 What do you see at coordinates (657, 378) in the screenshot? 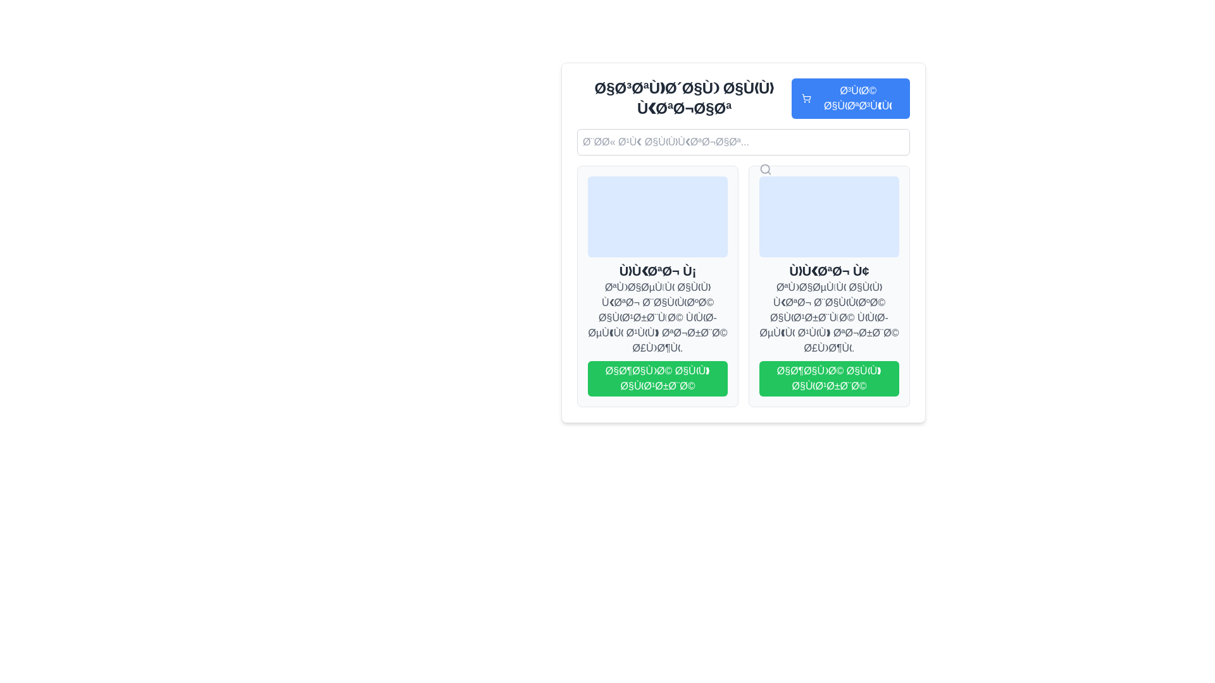
I see `the button located below the product description in Arabic` at bounding box center [657, 378].